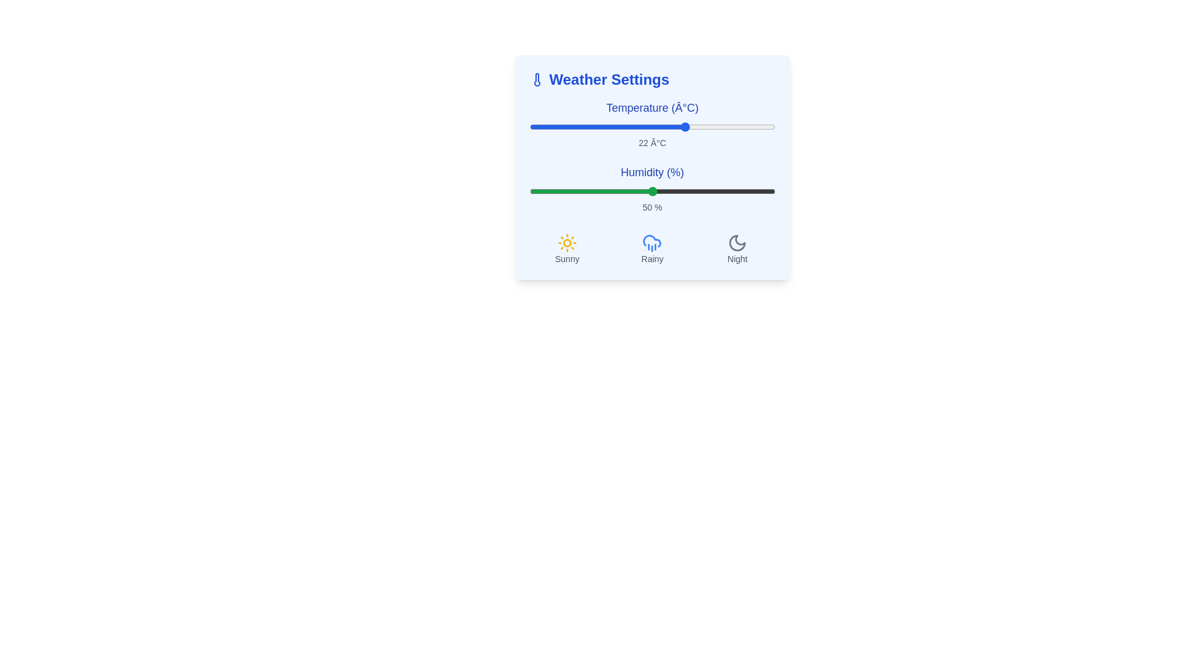 The width and height of the screenshot is (1179, 663). I want to click on the temperature, so click(666, 127).